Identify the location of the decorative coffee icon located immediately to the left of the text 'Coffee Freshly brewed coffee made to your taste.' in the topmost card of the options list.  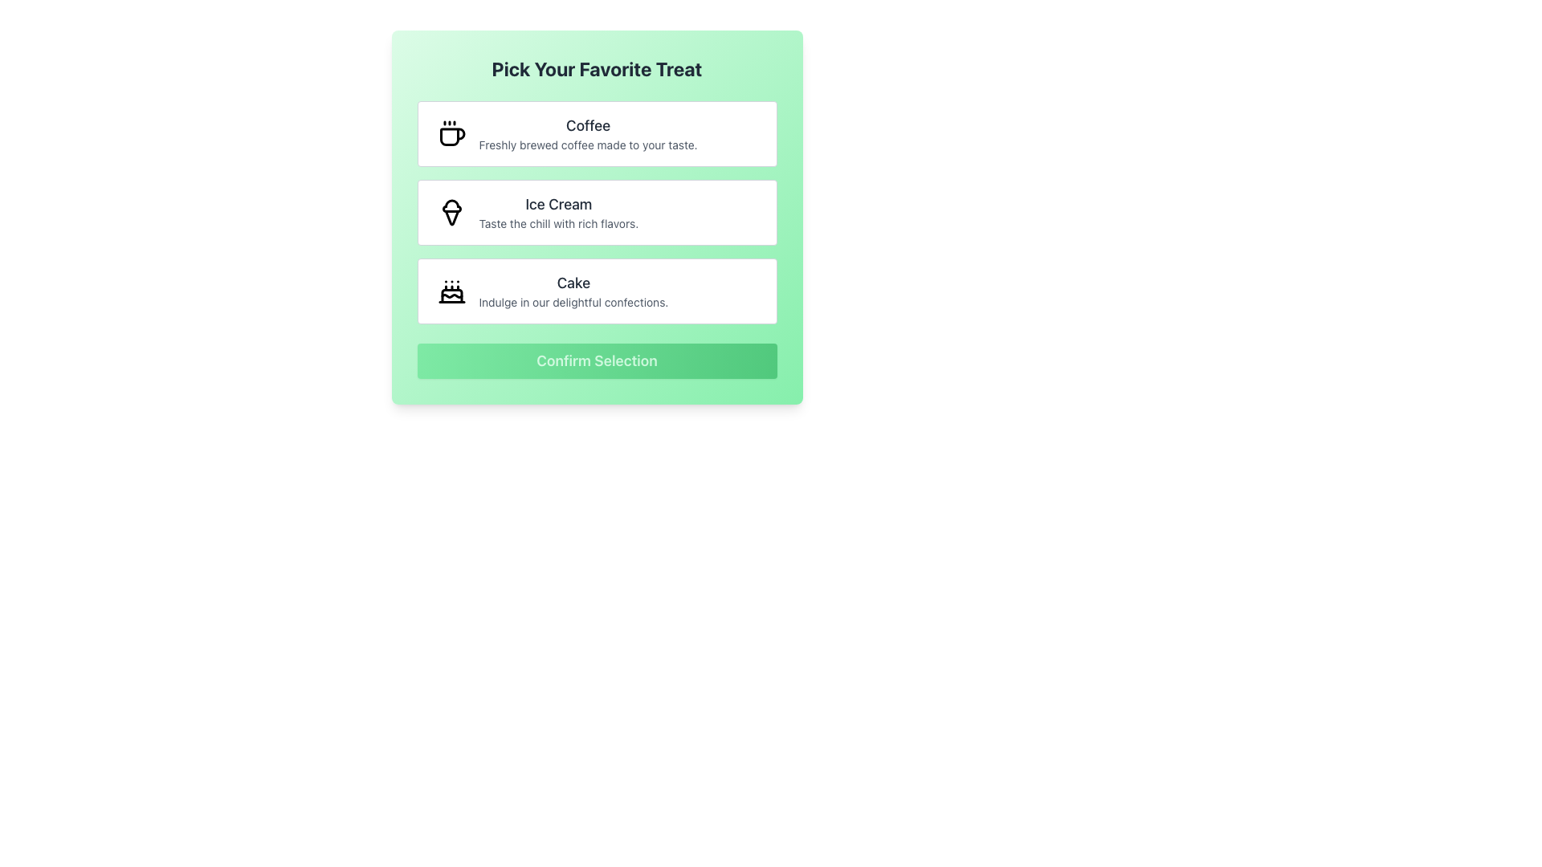
(451, 132).